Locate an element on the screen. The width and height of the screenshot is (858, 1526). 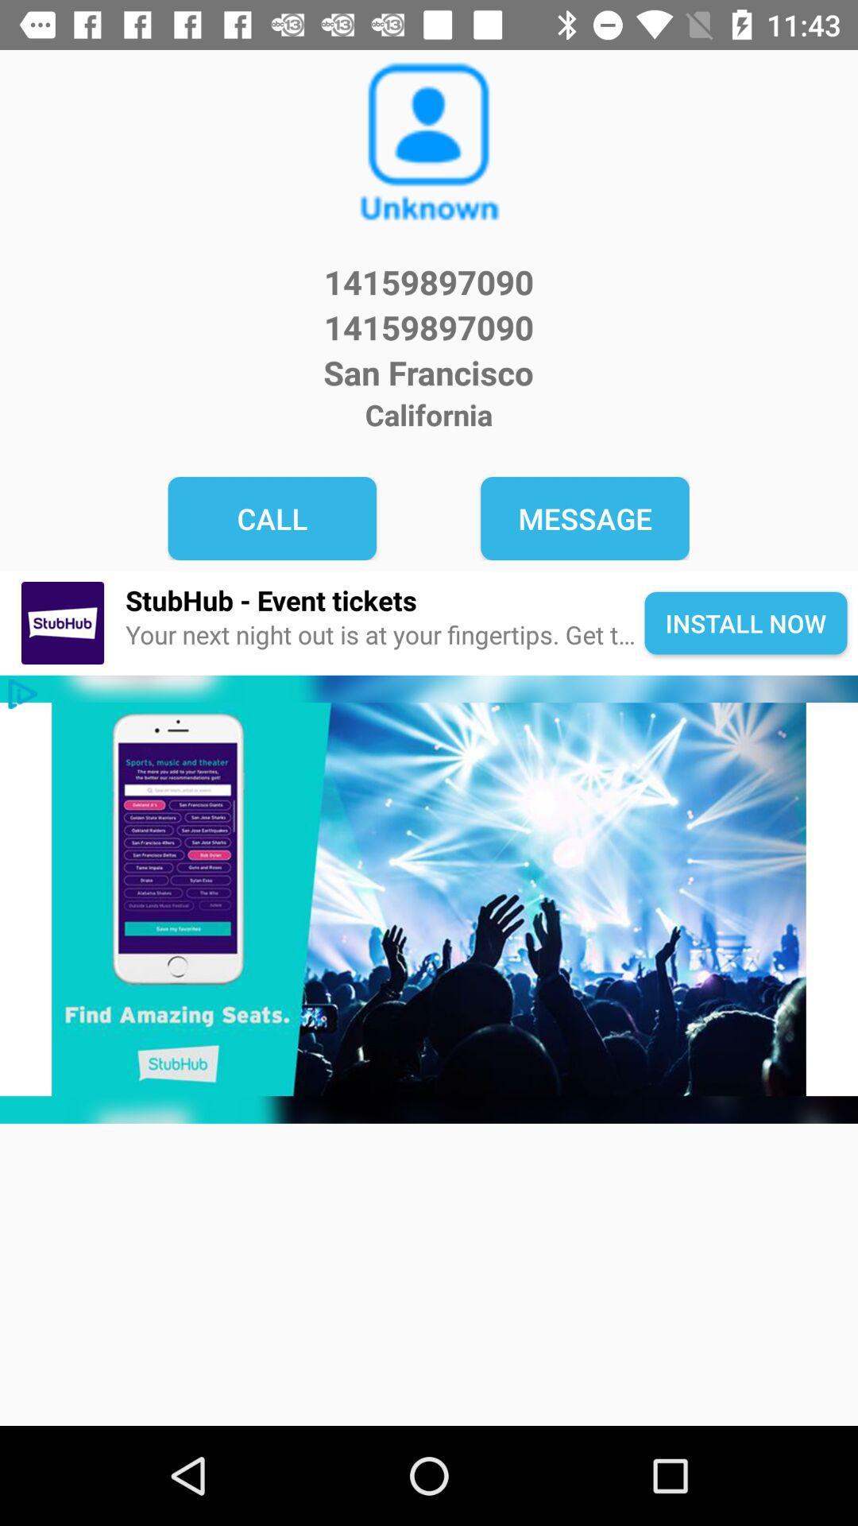
item to the right of call is located at coordinates (585, 518).